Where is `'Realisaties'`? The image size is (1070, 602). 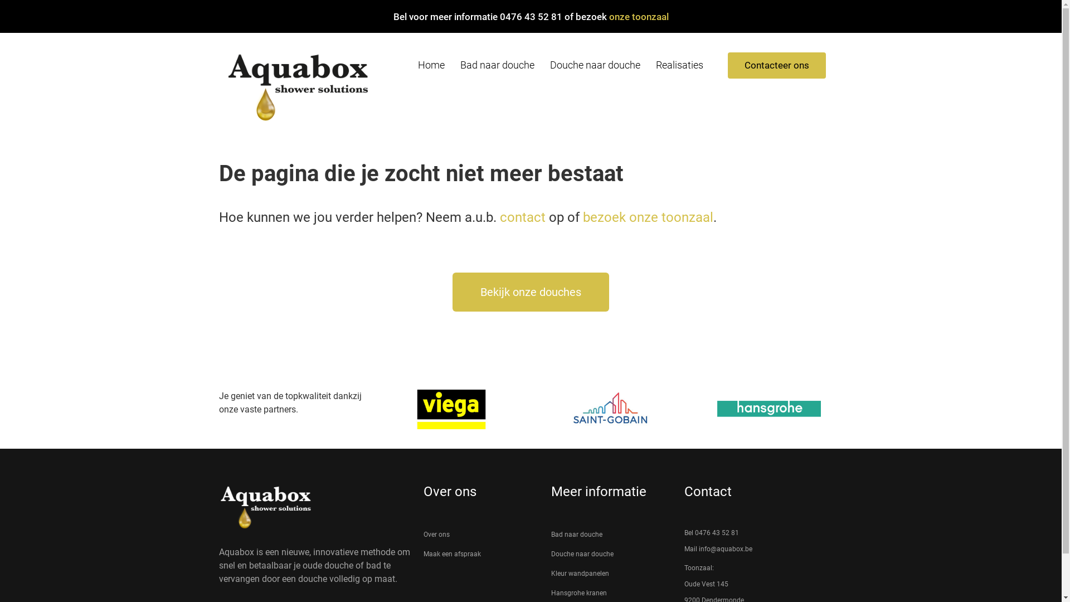 'Realisaties' is located at coordinates (679, 65).